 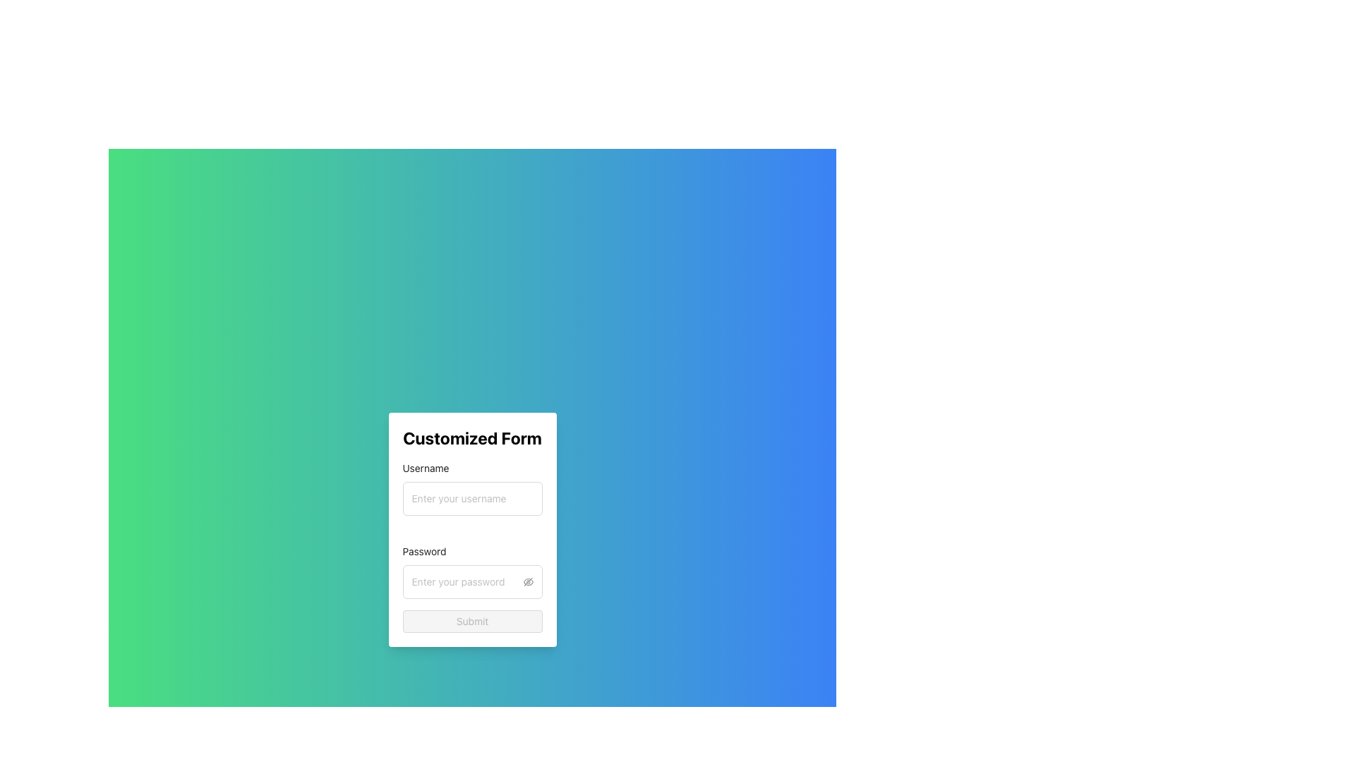 What do you see at coordinates (472, 571) in the screenshot?
I see `the Password input field in the Customized Form to focus on it for entering the password` at bounding box center [472, 571].